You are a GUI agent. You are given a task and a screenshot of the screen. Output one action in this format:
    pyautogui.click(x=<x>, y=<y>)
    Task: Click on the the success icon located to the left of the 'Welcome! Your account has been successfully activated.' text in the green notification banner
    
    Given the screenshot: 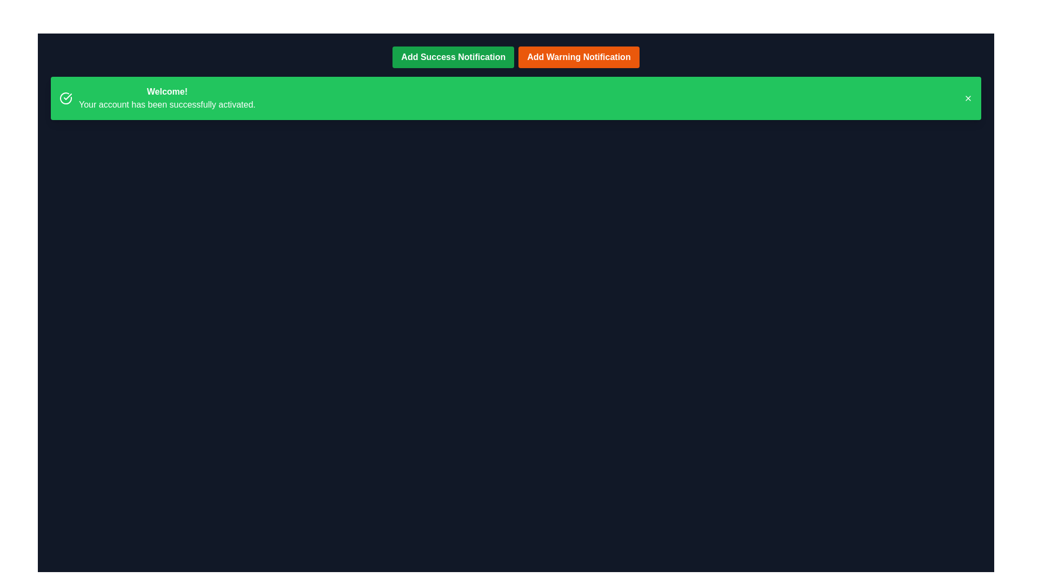 What is the action you would take?
    pyautogui.click(x=65, y=98)
    